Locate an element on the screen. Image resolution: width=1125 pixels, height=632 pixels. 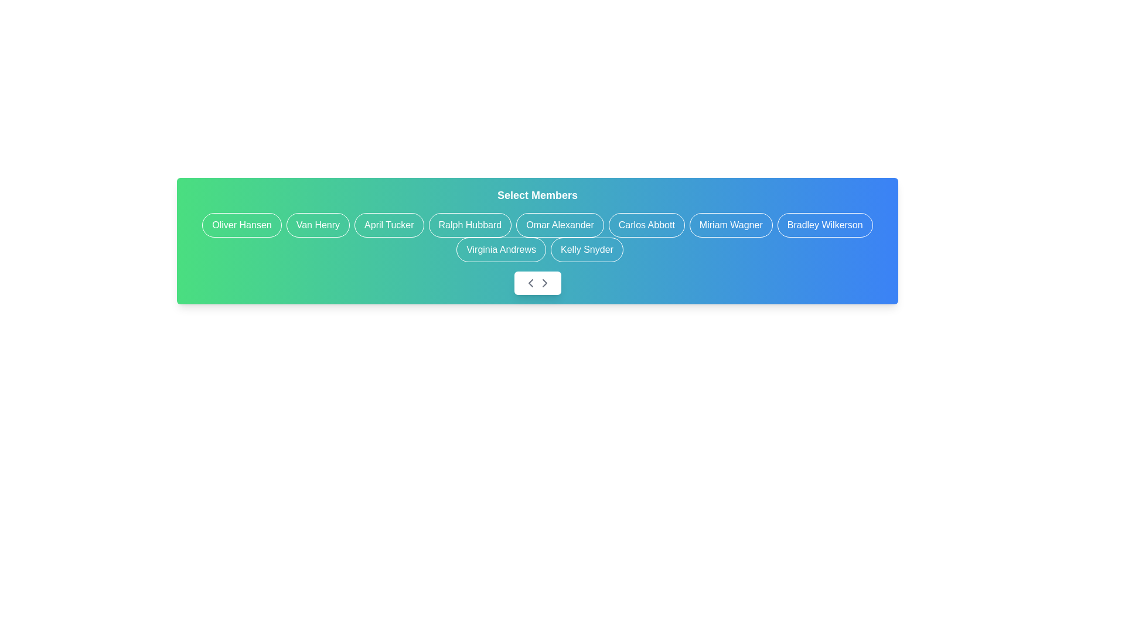
the button representing 'Van Henry', which is the second button in a horizontal list of buttons is located at coordinates (318, 225).